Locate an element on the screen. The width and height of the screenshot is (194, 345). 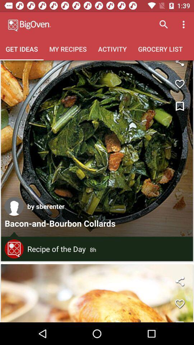
click share is located at coordinates (179, 65).